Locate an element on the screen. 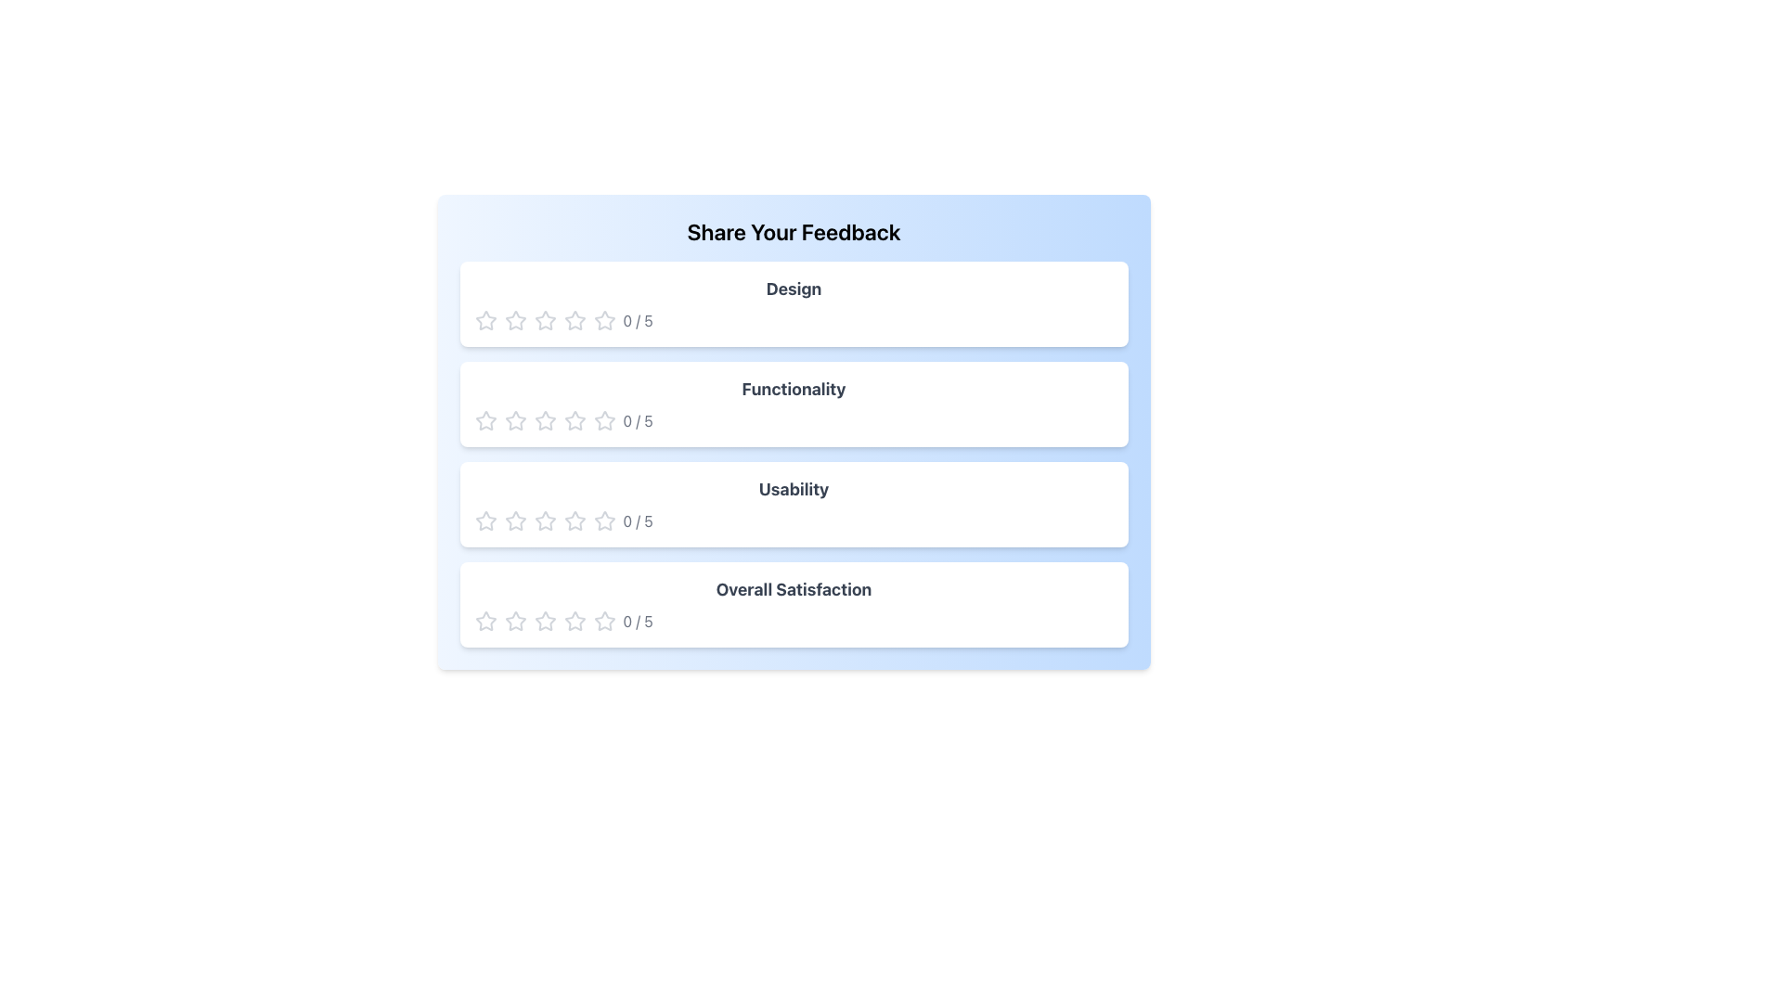 The width and height of the screenshot is (1782, 1002). the first hollow star icon used for rating in the 'Usability' feedback section, which is the first star in a set of five is located at coordinates (604, 520).